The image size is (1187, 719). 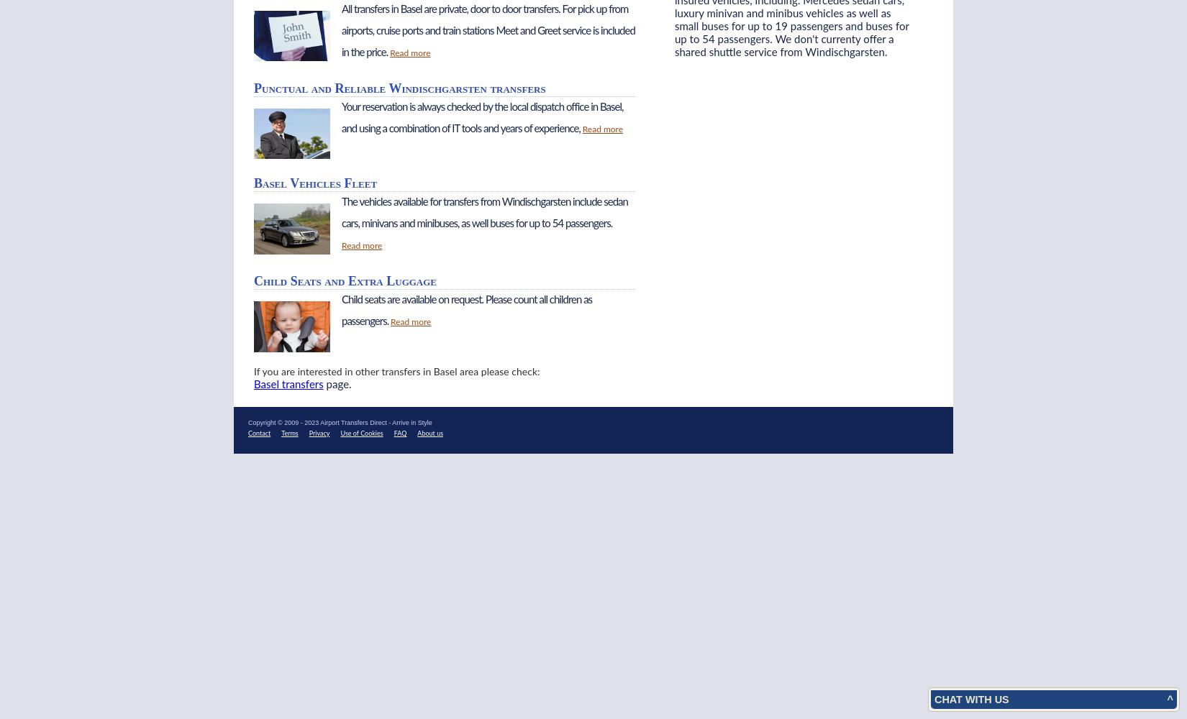 I want to click on 'Copyright © 2009 - 2023 Airport Transfers Direct - Arrive in Style', so click(x=248, y=421).